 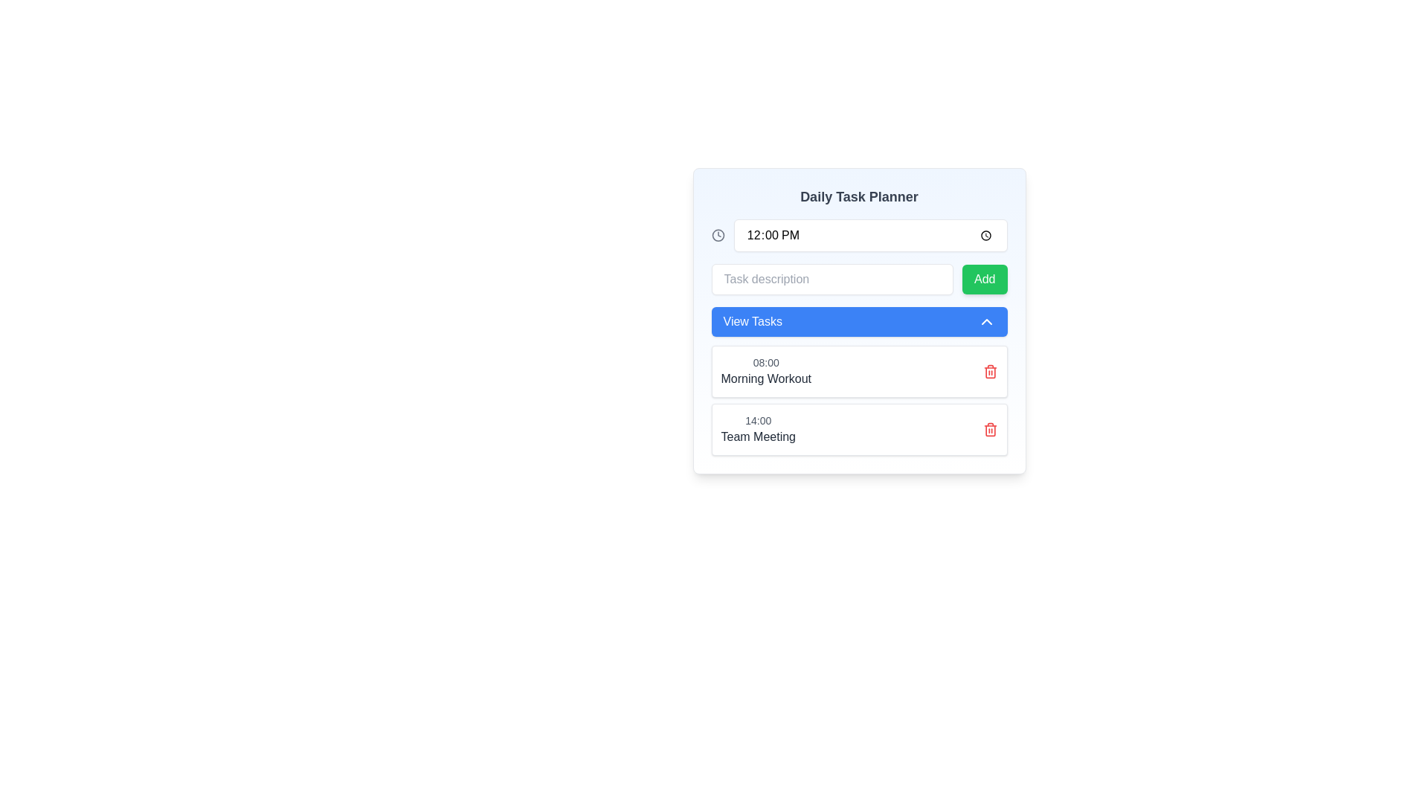 I want to click on the trash icon button, so click(x=990, y=430).